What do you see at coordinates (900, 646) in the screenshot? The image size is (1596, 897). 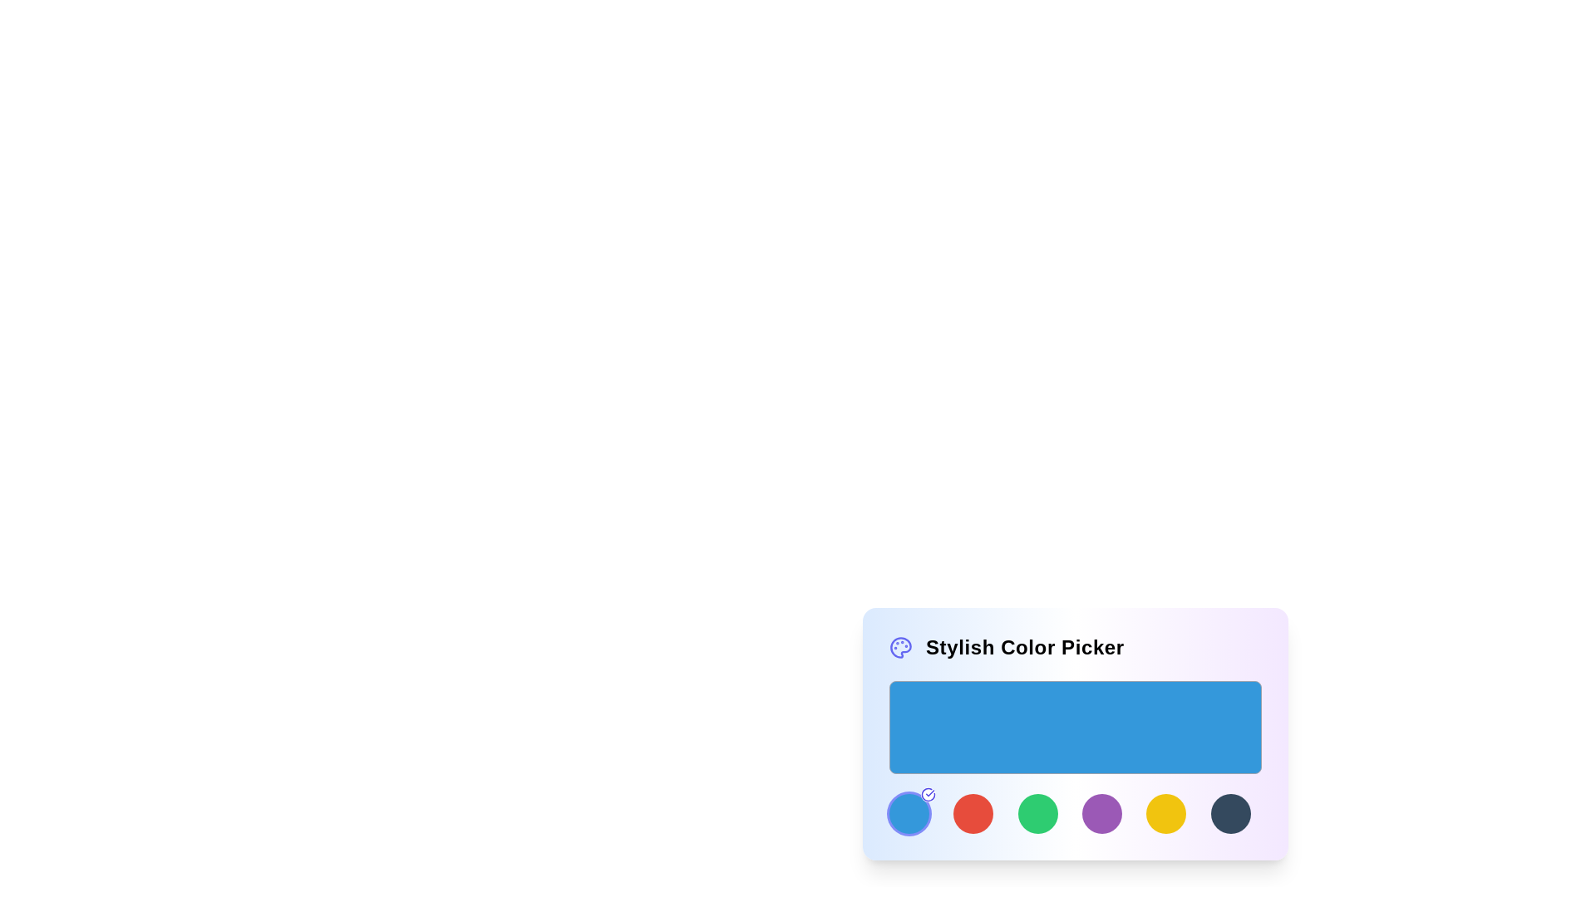 I see `the color palette icon representing the 'Stylish Color Picker' tool, which is positioned to the far left of the associated text element` at bounding box center [900, 646].